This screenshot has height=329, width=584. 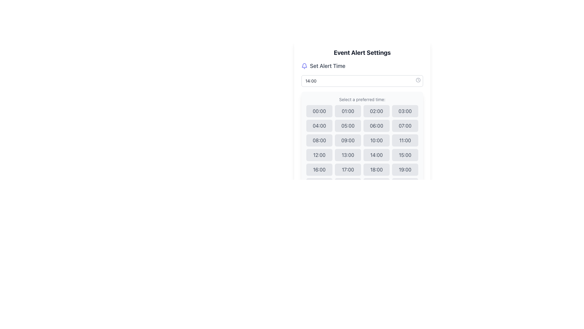 I want to click on the notification icon located to the left of the 'Set Alert Time' text. Although it's non-interactive, we will identify it for potential future actions, so click(x=304, y=66).